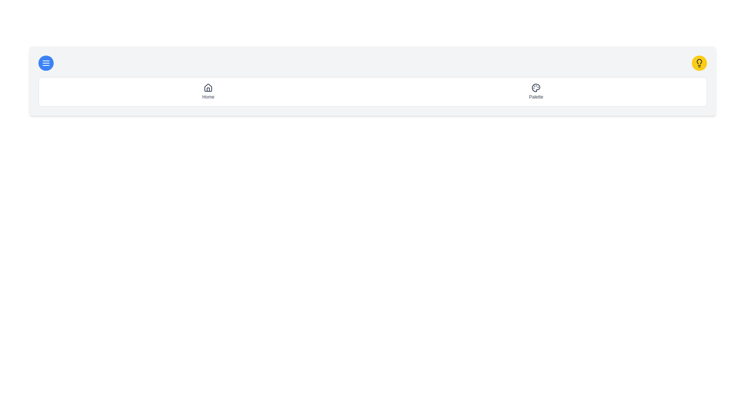 The width and height of the screenshot is (731, 411). Describe the element at coordinates (536, 91) in the screenshot. I see `the circular palette icon with decorative dots above the text 'Palette' in the navigation bar` at that location.